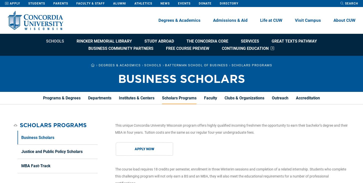 The height and width of the screenshot is (183, 363). What do you see at coordinates (144, 149) in the screenshot?
I see `'Apply Now'` at bounding box center [144, 149].